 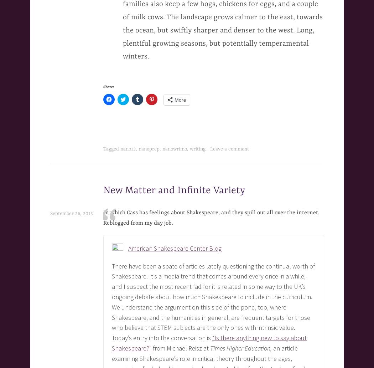 I want to click on 'Leave a comment', so click(x=209, y=148).